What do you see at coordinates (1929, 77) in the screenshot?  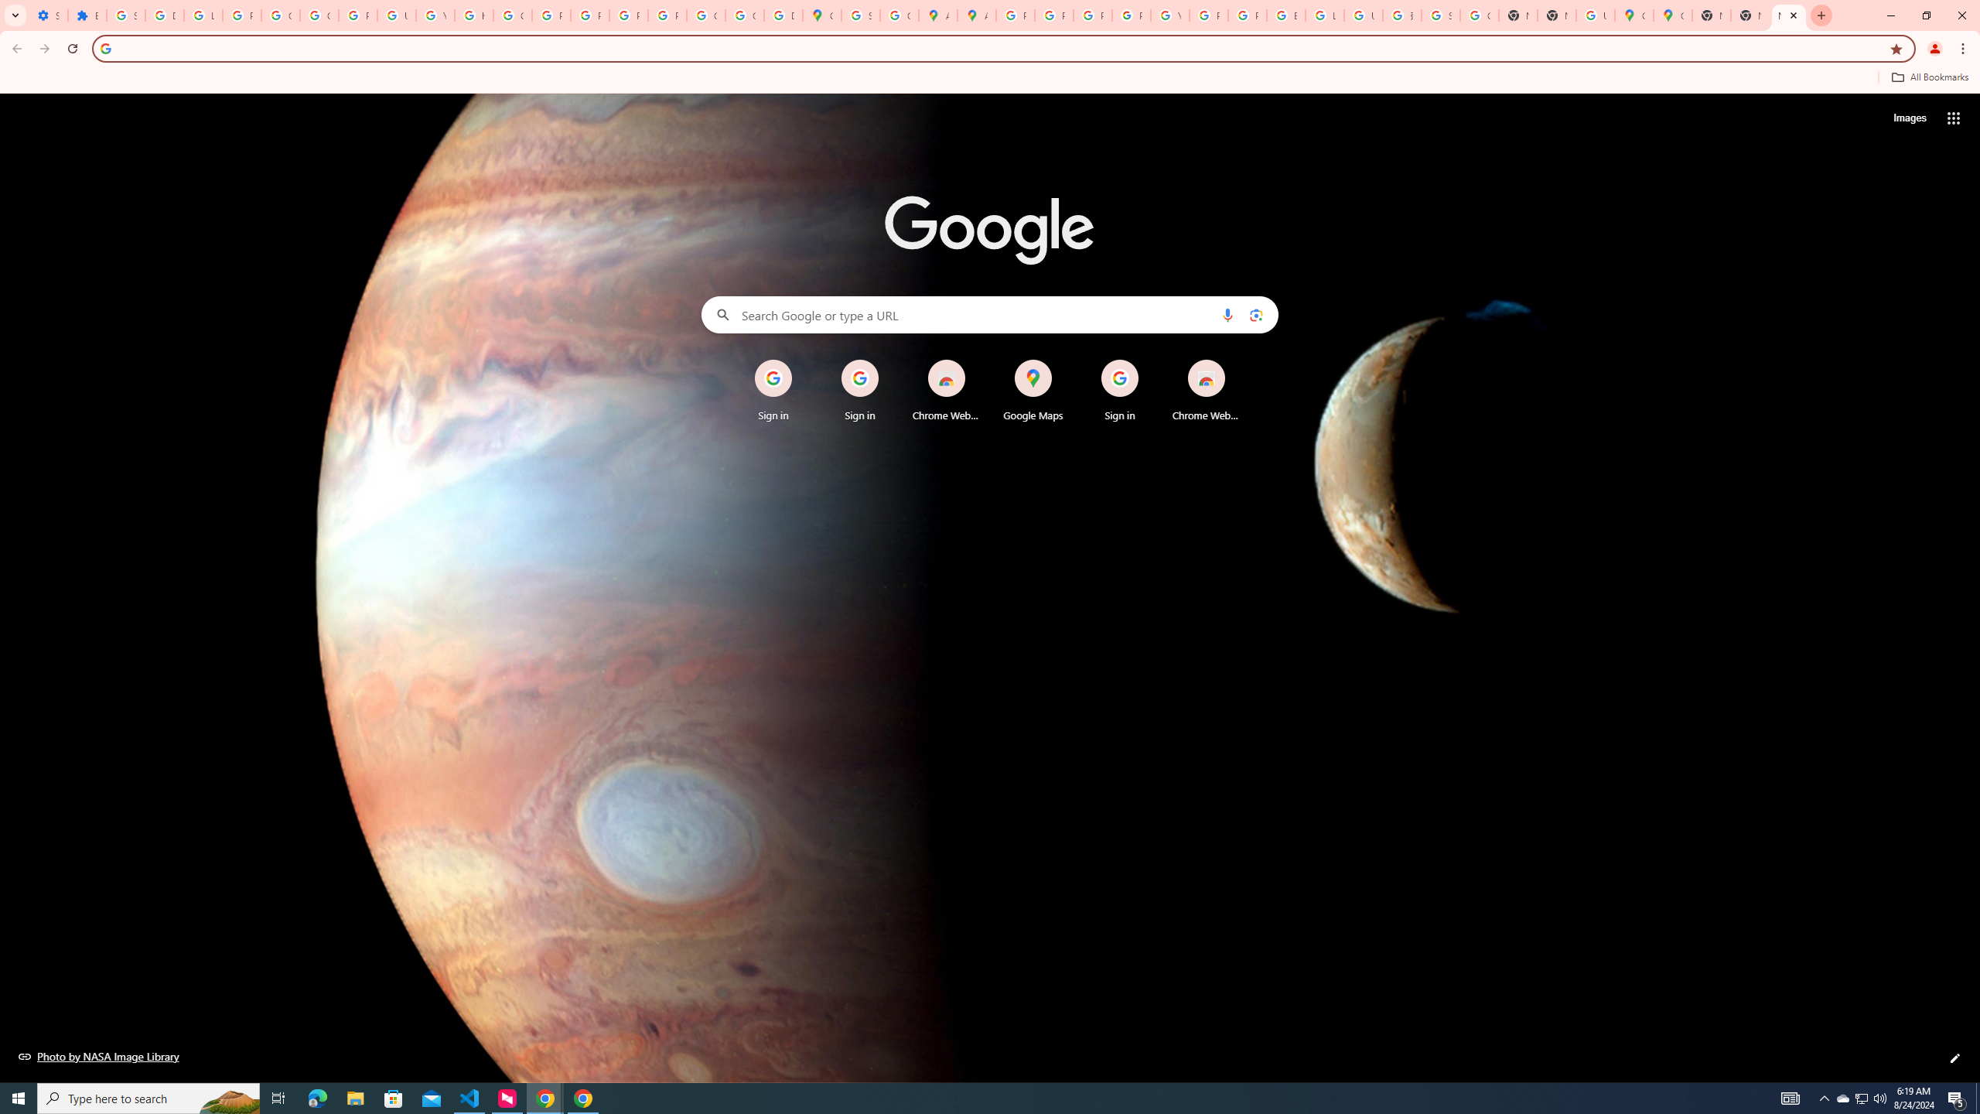 I see `'All Bookmarks'` at bounding box center [1929, 77].